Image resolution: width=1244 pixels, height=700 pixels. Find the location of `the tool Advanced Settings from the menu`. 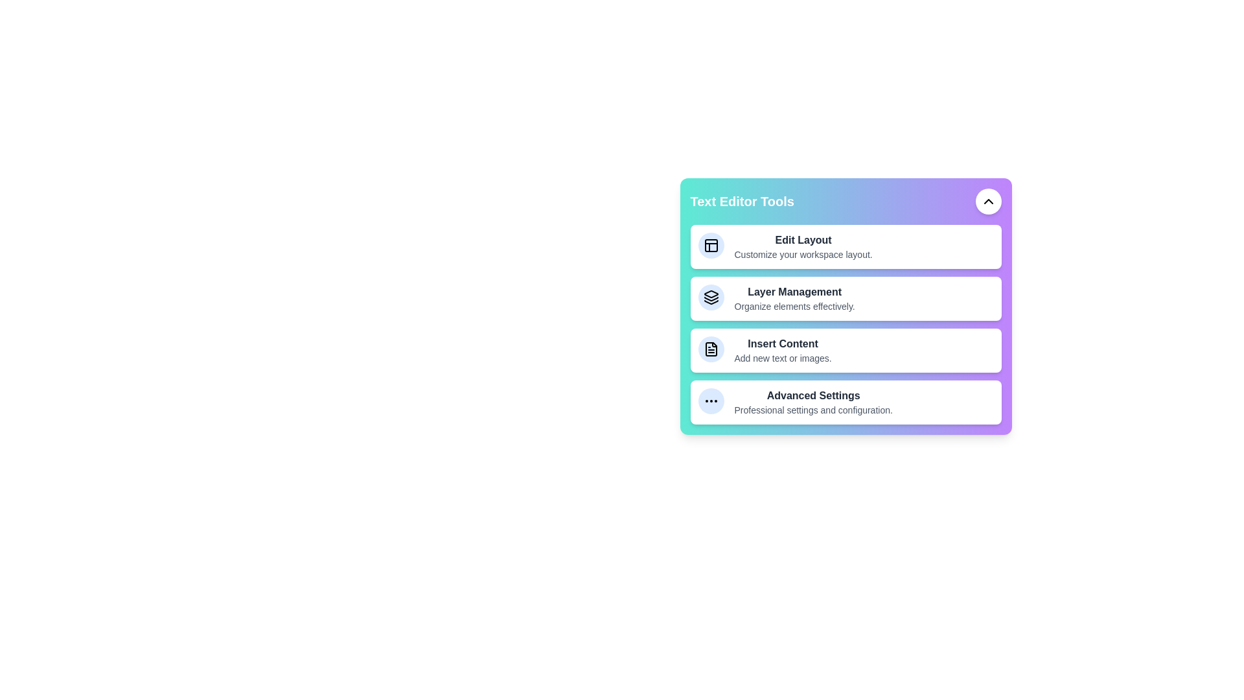

the tool Advanced Settings from the menu is located at coordinates (777, 382).